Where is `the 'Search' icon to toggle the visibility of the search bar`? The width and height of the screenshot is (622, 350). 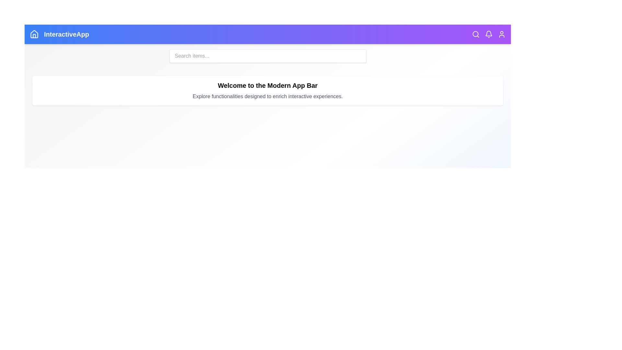 the 'Search' icon to toggle the visibility of the search bar is located at coordinates (476, 34).